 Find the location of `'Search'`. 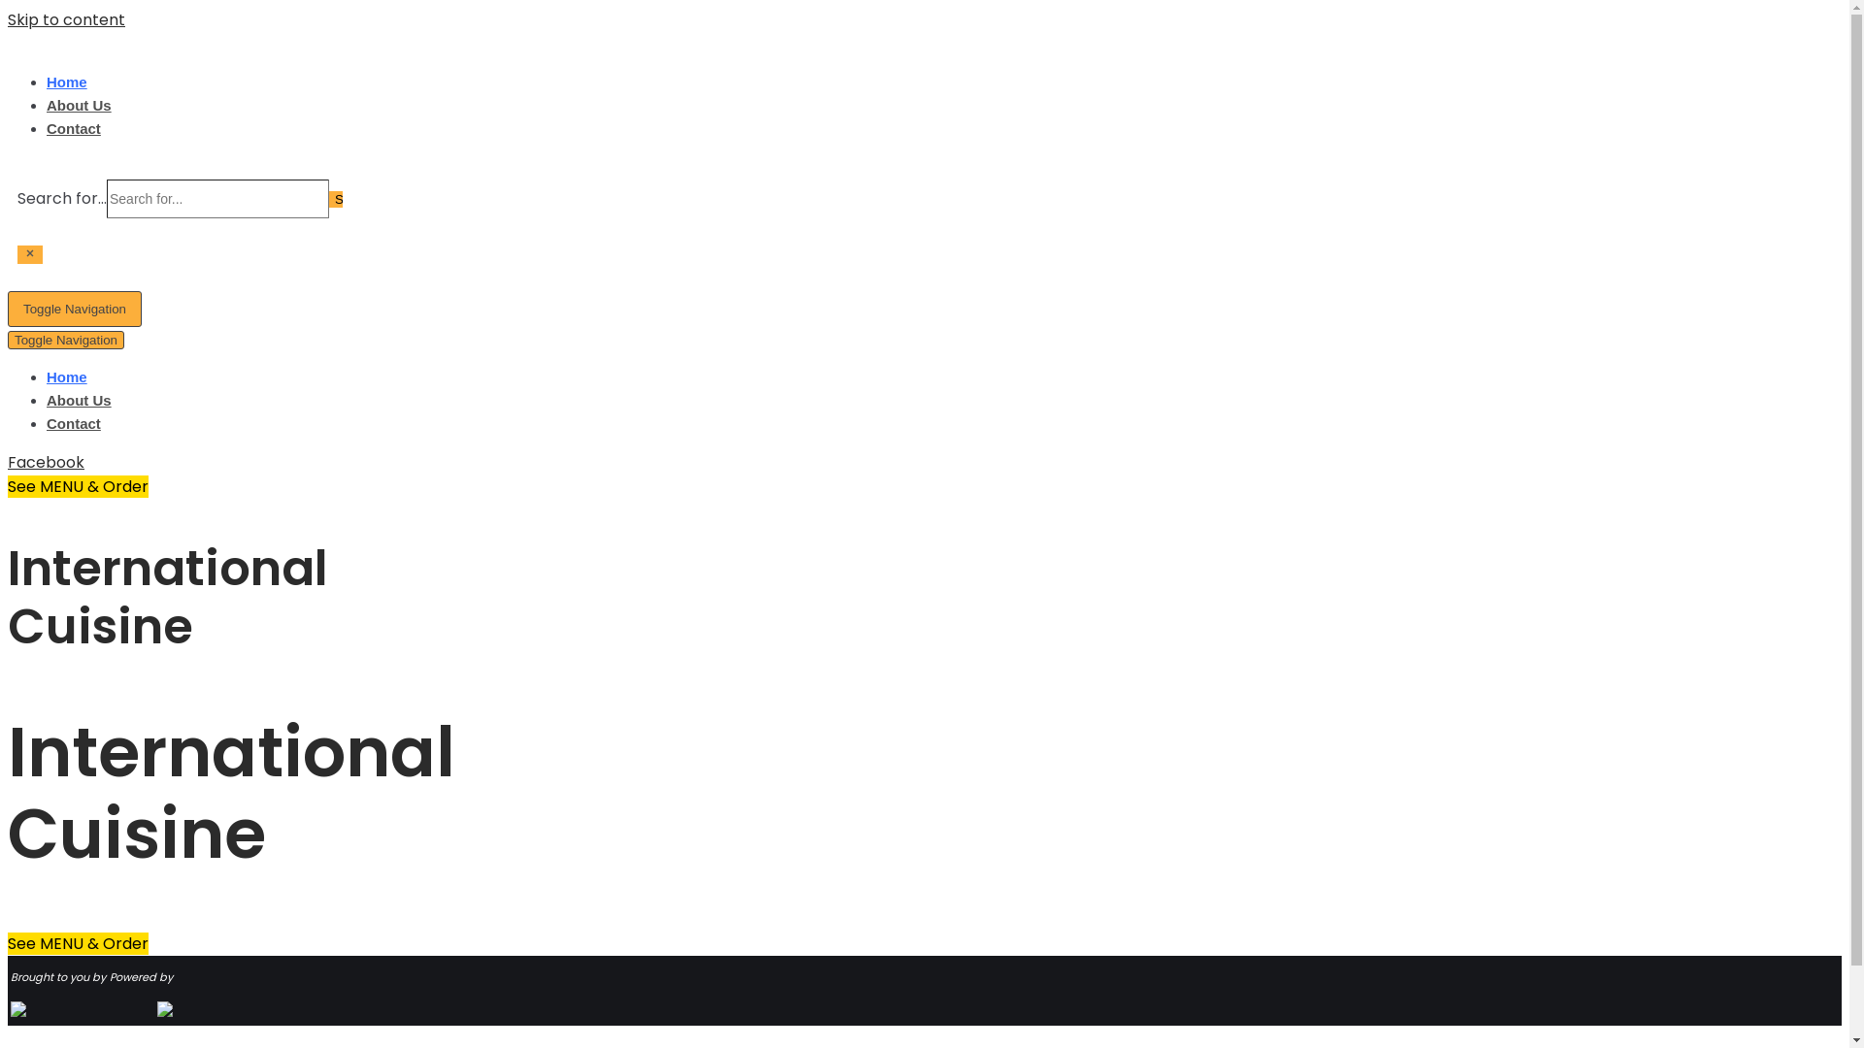

'Search' is located at coordinates (335, 199).